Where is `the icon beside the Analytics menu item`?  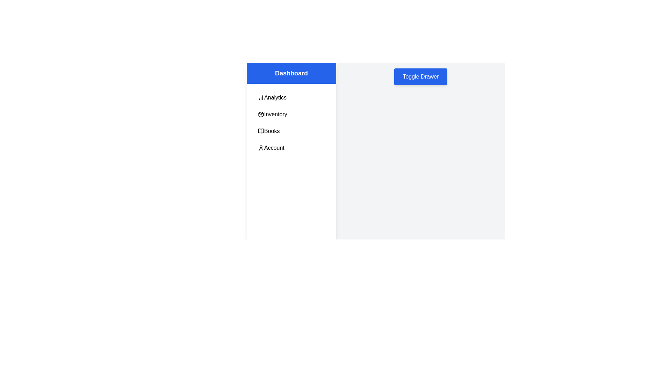 the icon beside the Analytics menu item is located at coordinates (261, 98).